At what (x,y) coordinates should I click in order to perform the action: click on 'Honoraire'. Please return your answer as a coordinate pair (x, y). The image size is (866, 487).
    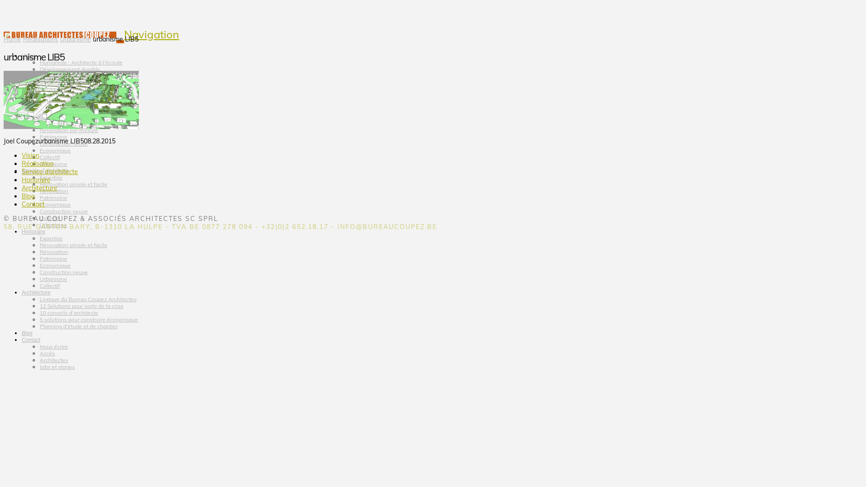
    Looking at the image, I should click on (22, 223).